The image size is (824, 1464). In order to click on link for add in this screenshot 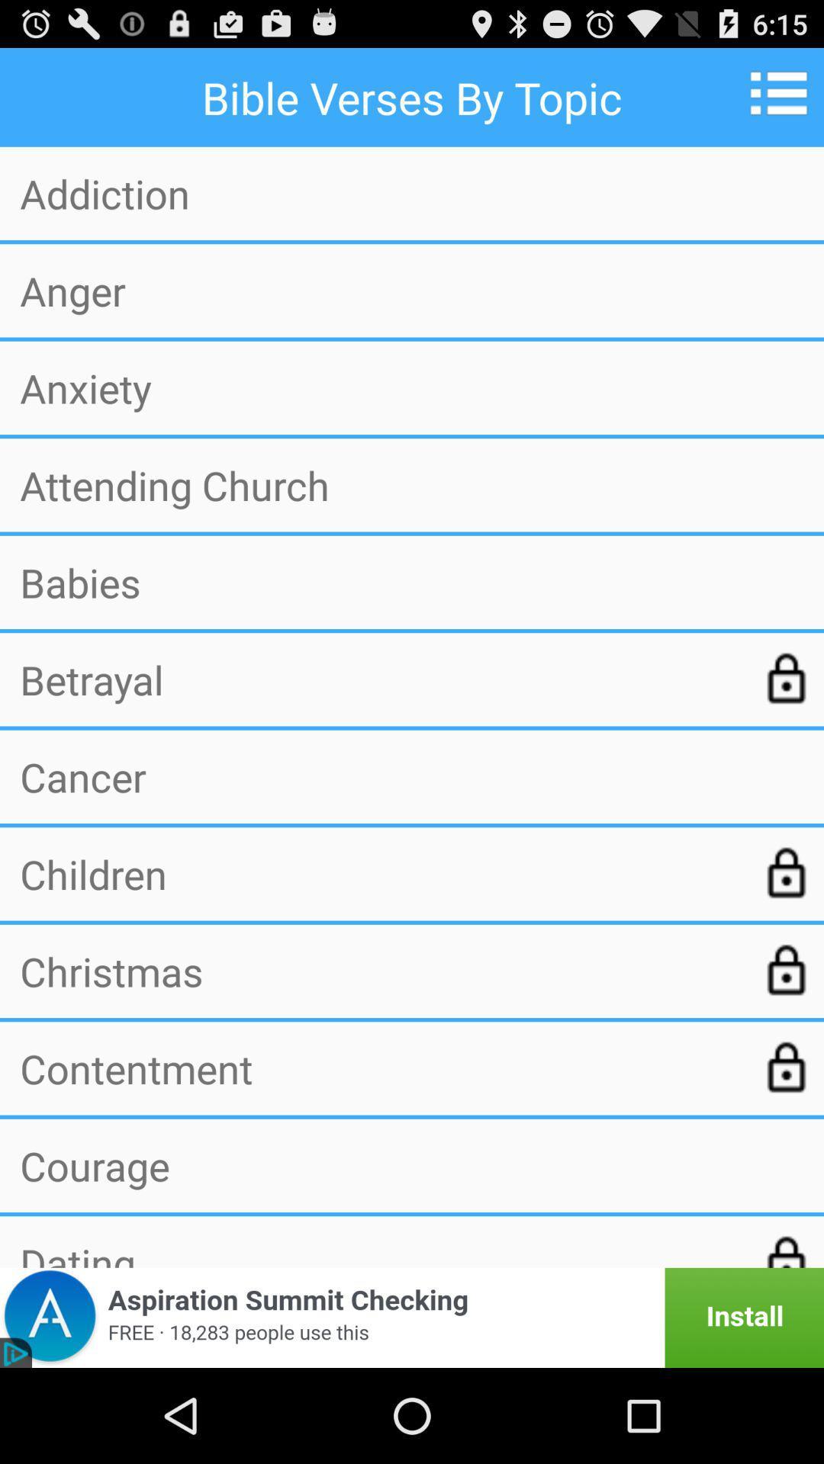, I will do `click(412, 1317)`.